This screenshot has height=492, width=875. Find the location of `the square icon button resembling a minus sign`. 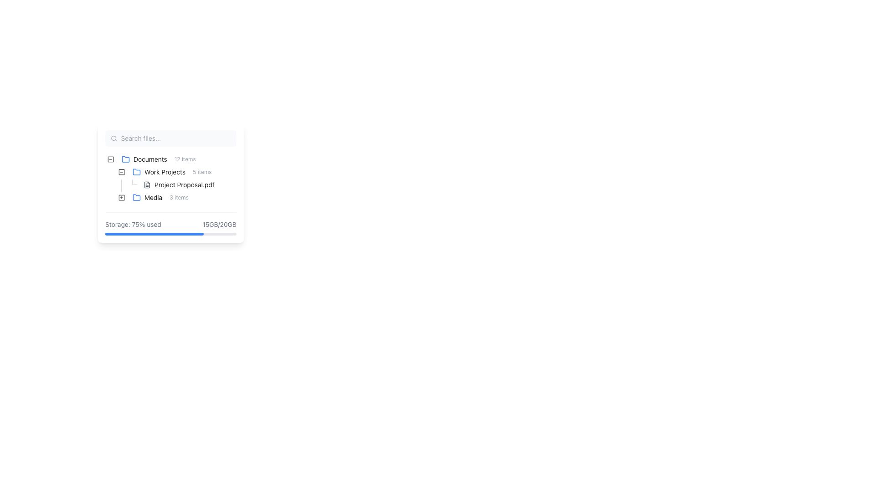

the square icon button resembling a minus sign is located at coordinates (121, 172).